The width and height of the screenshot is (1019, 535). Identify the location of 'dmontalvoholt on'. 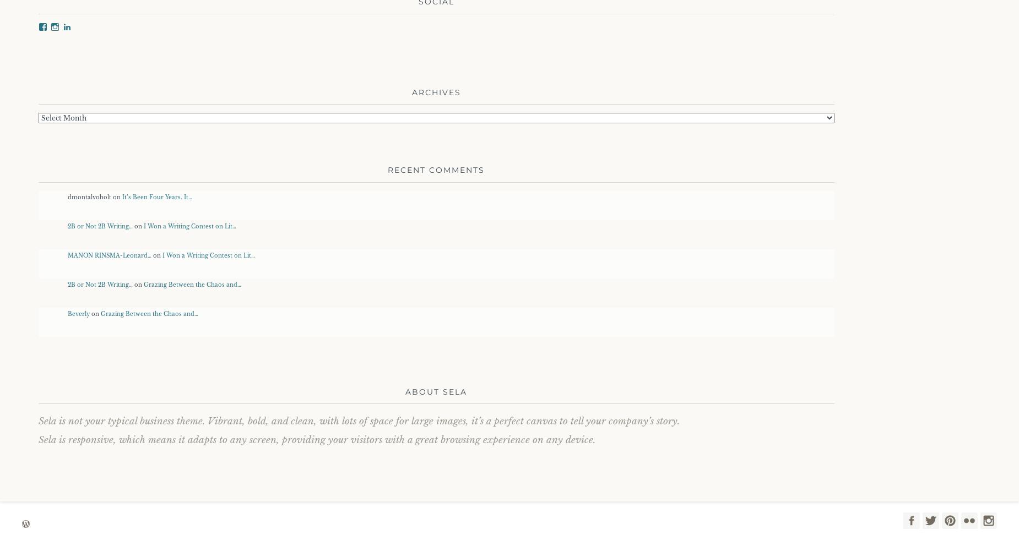
(94, 196).